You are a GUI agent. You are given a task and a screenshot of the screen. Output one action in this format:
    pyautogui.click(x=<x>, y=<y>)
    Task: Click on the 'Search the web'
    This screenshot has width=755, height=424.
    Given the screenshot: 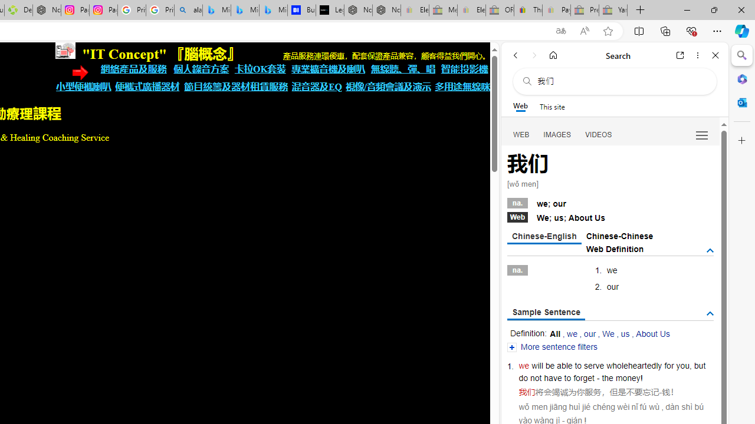 What is the action you would take?
    pyautogui.click(x=620, y=81)
    